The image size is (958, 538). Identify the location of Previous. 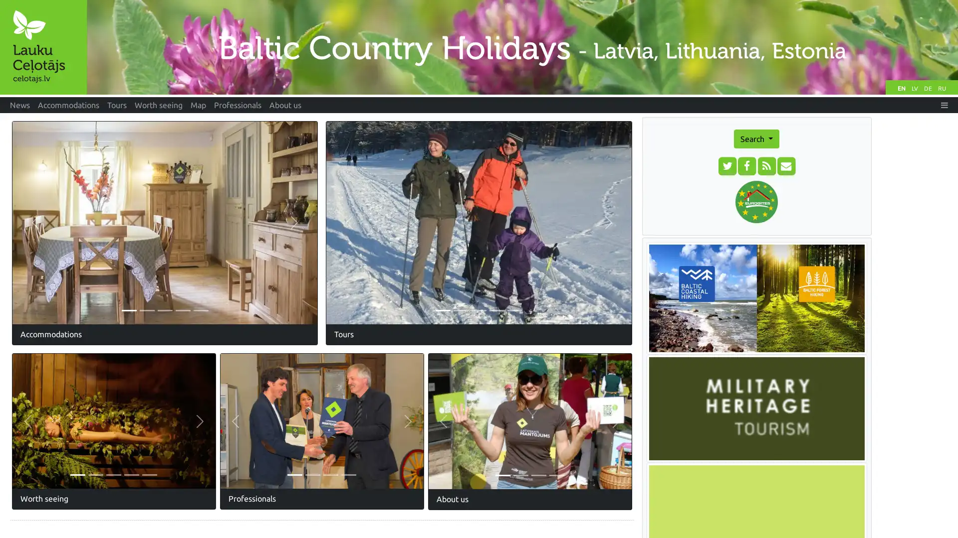
(349, 222).